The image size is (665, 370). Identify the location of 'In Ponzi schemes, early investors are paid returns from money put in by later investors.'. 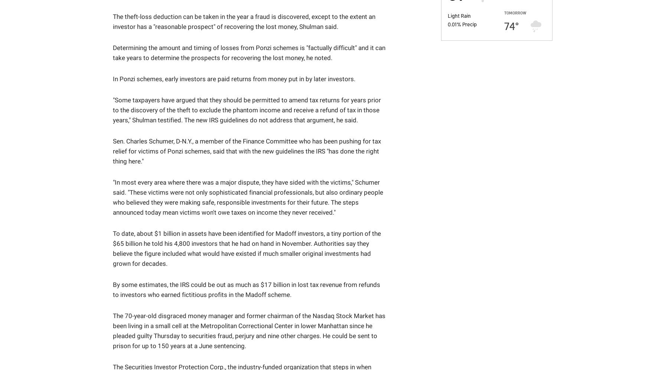
(234, 79).